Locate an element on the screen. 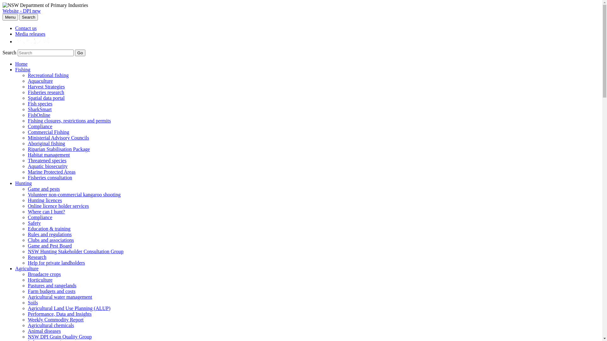 The height and width of the screenshot is (341, 607). 'NSW Hunting Stakeholder Consultation Group' is located at coordinates (76, 251).